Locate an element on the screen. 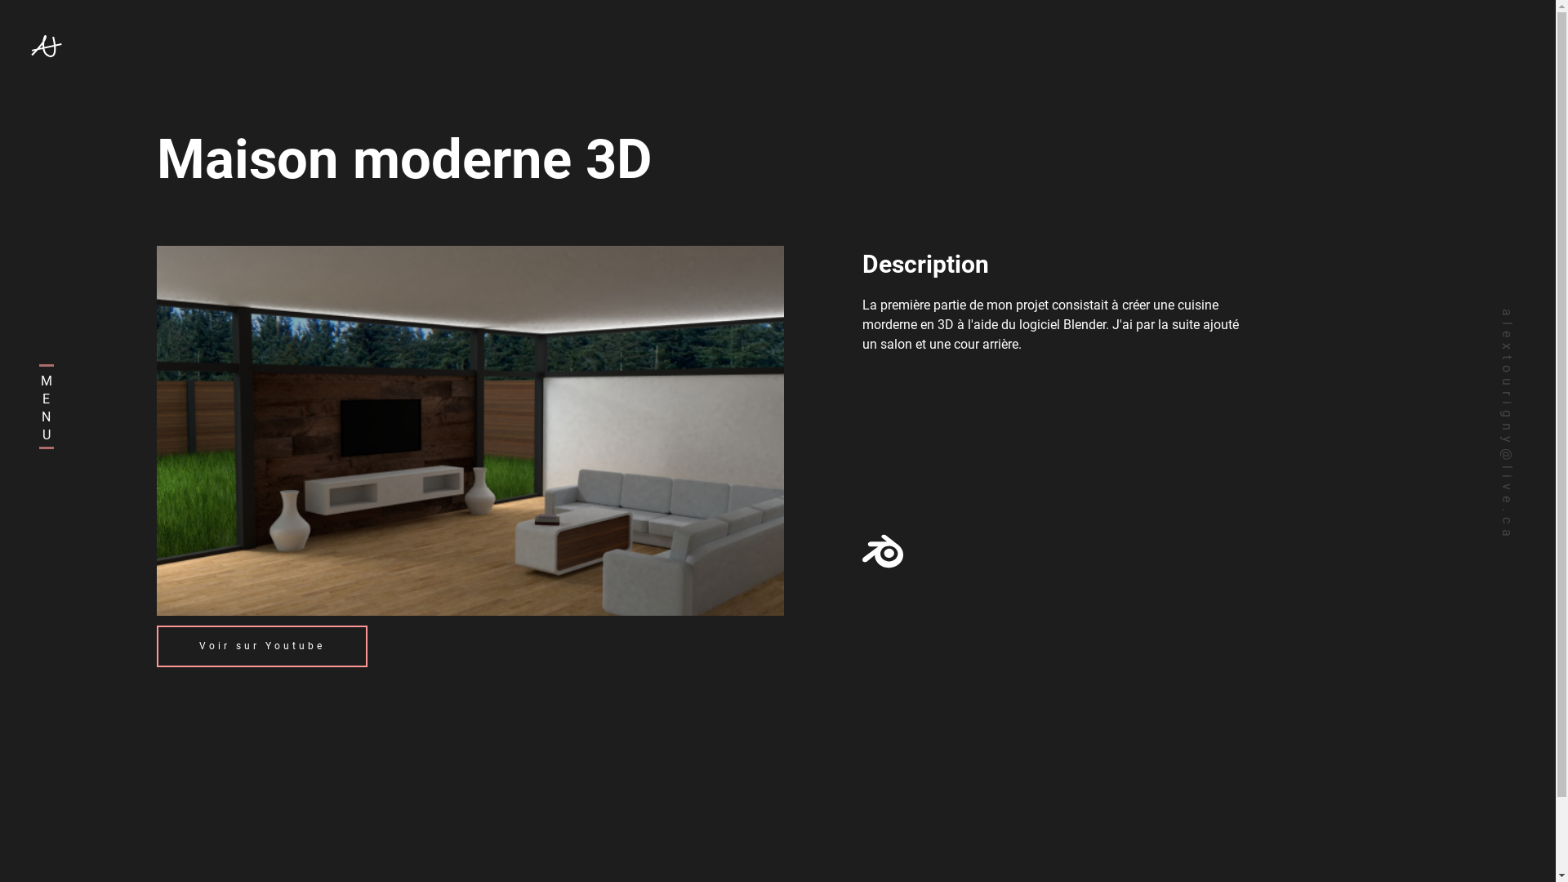 This screenshot has height=882, width=1568. 'MENU' is located at coordinates (55, 405).